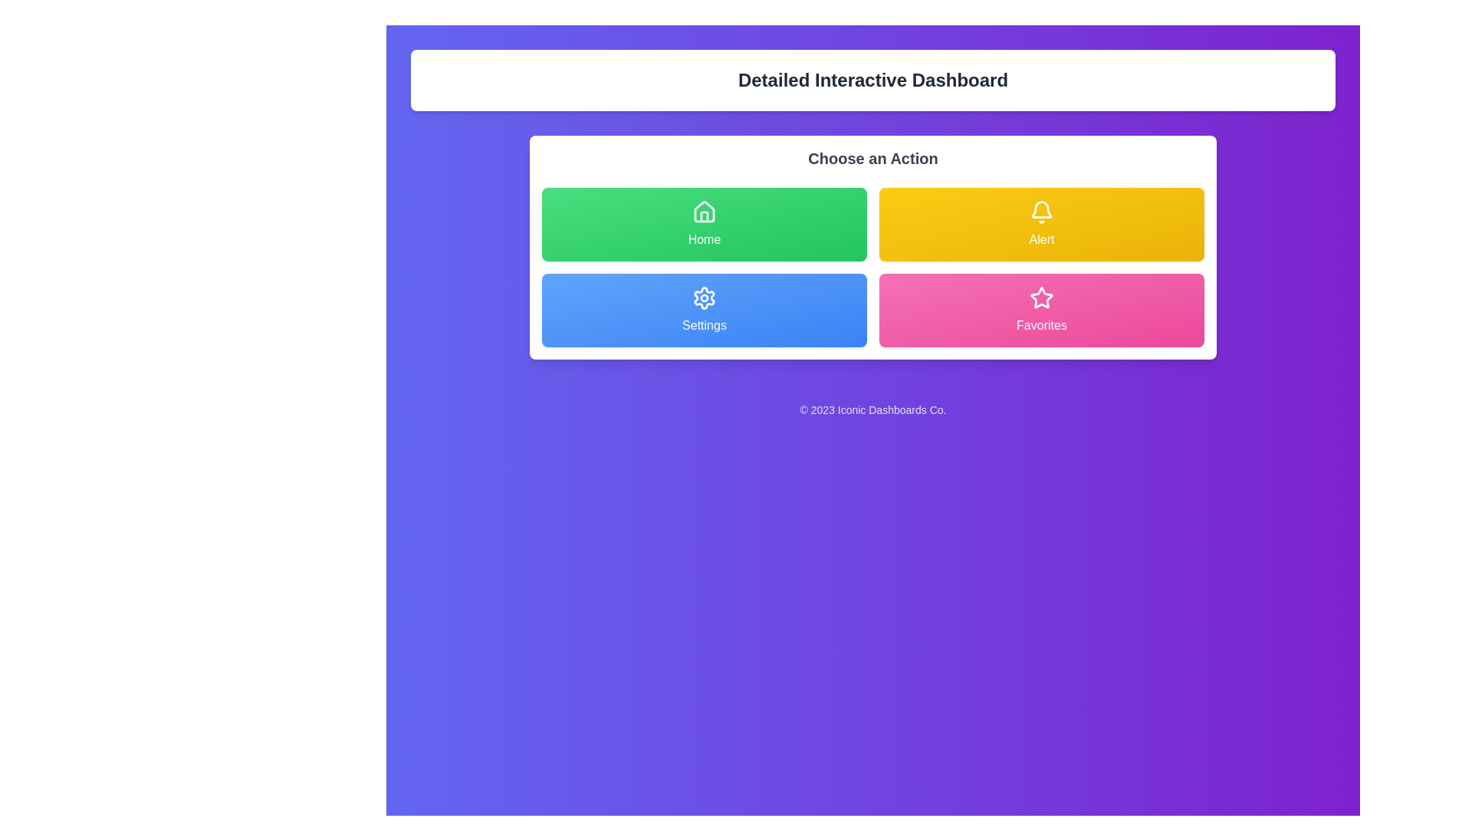  What do you see at coordinates (703, 212) in the screenshot?
I see `the house-shaped icon representing the 'Home' action, which is located on a green rectangular button labeled 'Home' in a grid layout` at bounding box center [703, 212].